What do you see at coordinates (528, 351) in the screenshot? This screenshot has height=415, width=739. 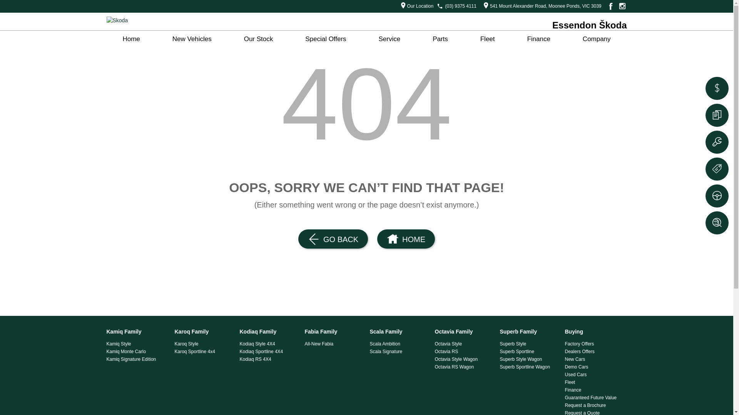 I see `'Superb Sportline'` at bounding box center [528, 351].